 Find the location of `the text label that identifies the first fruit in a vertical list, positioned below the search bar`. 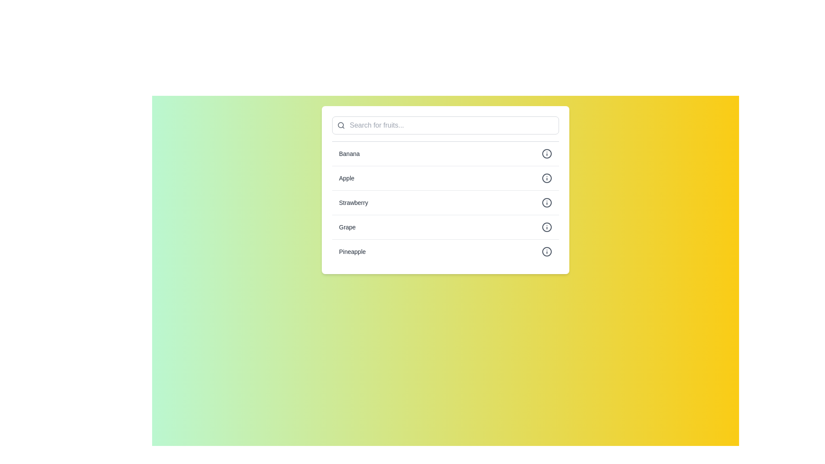

the text label that identifies the first fruit in a vertical list, positioned below the search bar is located at coordinates (349, 153).